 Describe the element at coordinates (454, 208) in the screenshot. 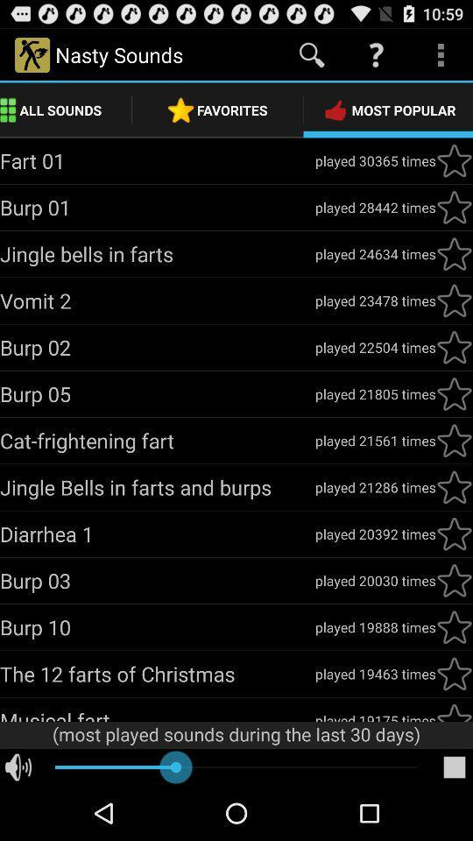

I see `this option select favorite option` at that location.